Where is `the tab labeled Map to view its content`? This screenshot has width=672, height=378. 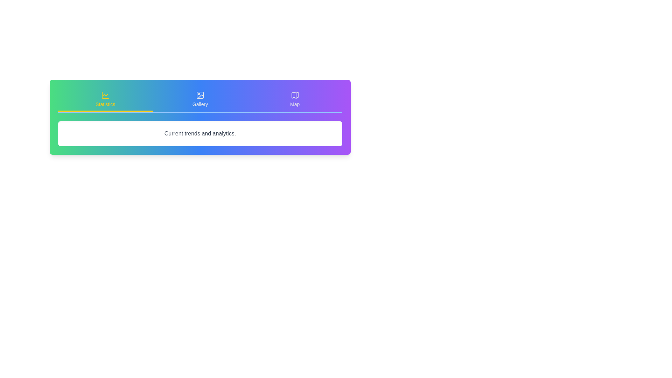
the tab labeled Map to view its content is located at coordinates (295, 100).